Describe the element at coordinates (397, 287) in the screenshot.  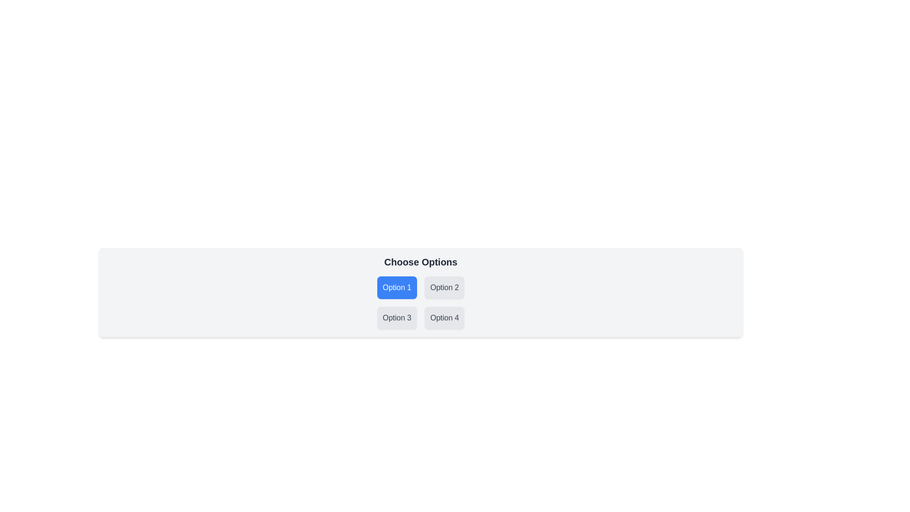
I see `the blue button labeled 'Option 1' in the top-left corner of the grid layout` at that location.